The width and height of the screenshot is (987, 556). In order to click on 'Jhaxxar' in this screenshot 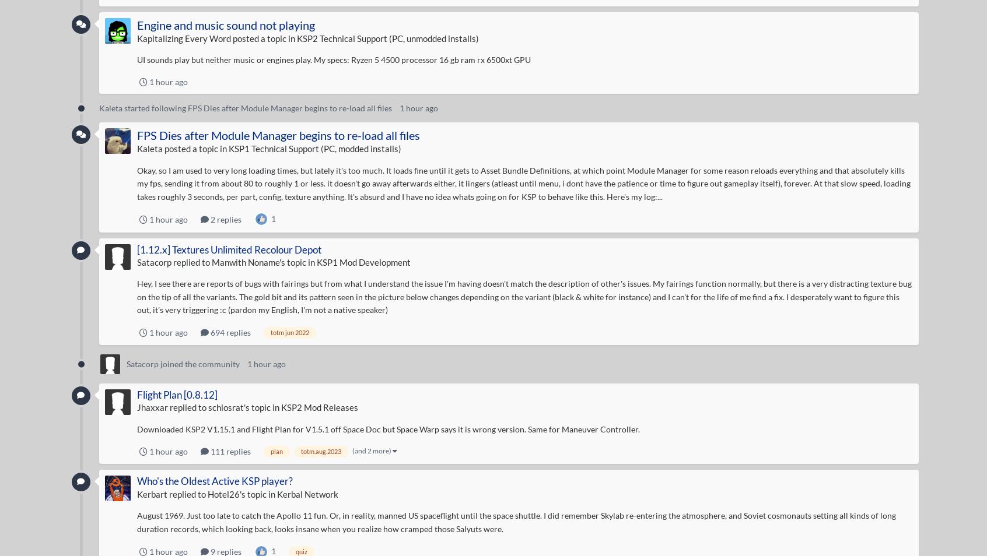, I will do `click(136, 406)`.